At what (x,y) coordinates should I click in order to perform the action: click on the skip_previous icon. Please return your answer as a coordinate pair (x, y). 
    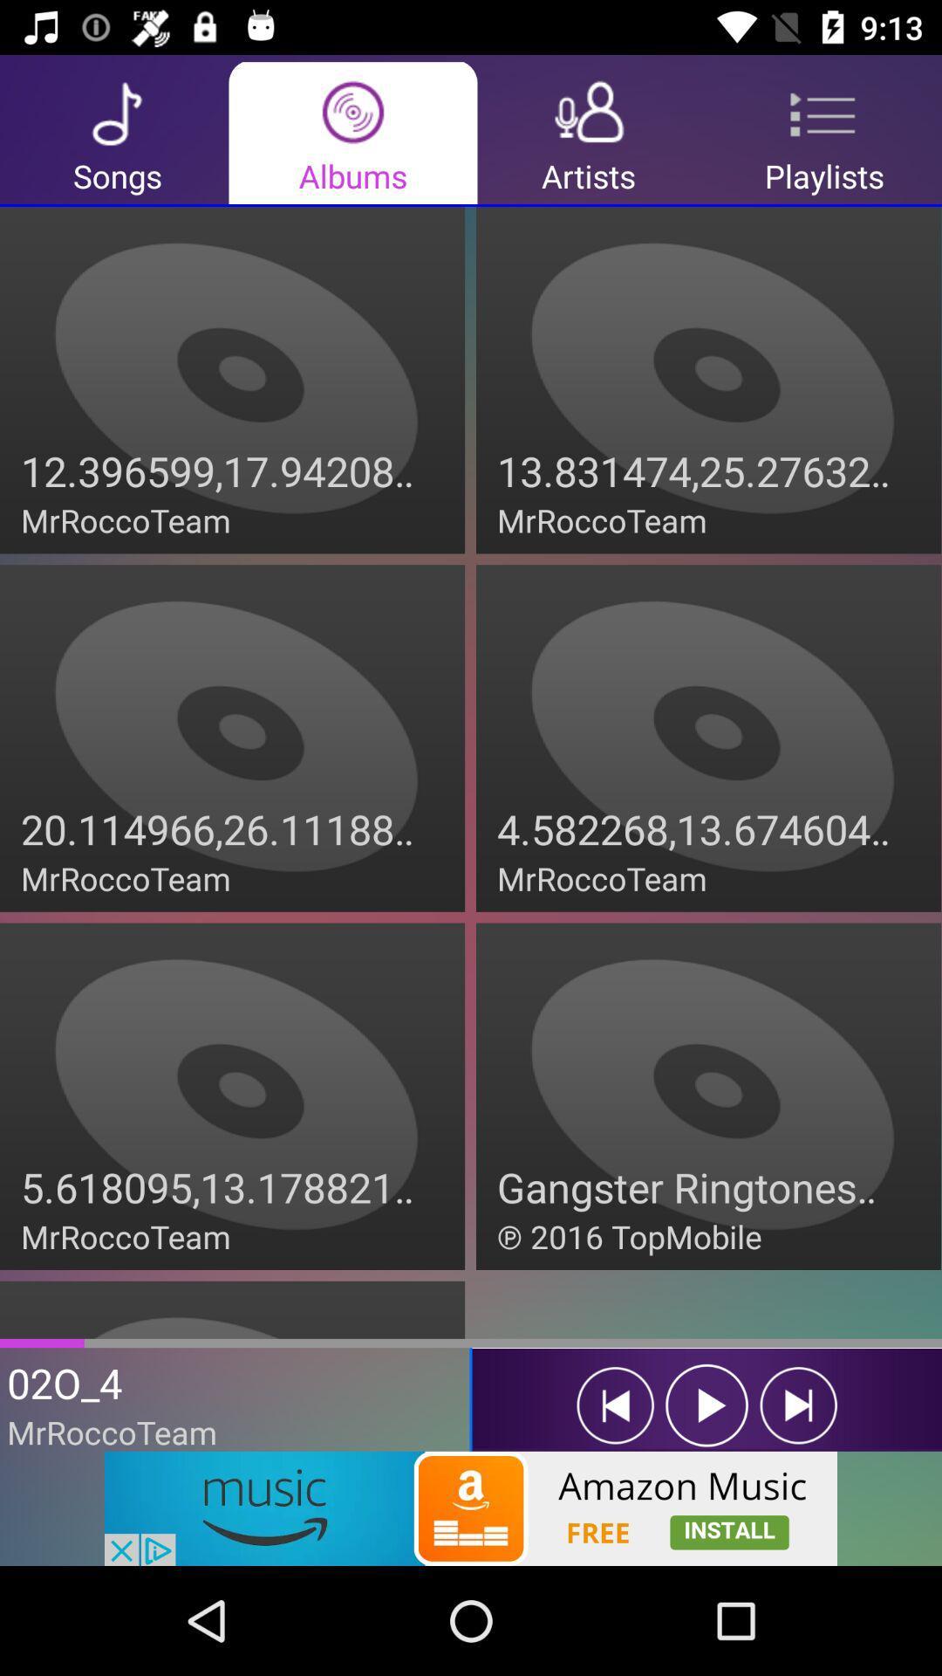
    Looking at the image, I should click on (614, 1405).